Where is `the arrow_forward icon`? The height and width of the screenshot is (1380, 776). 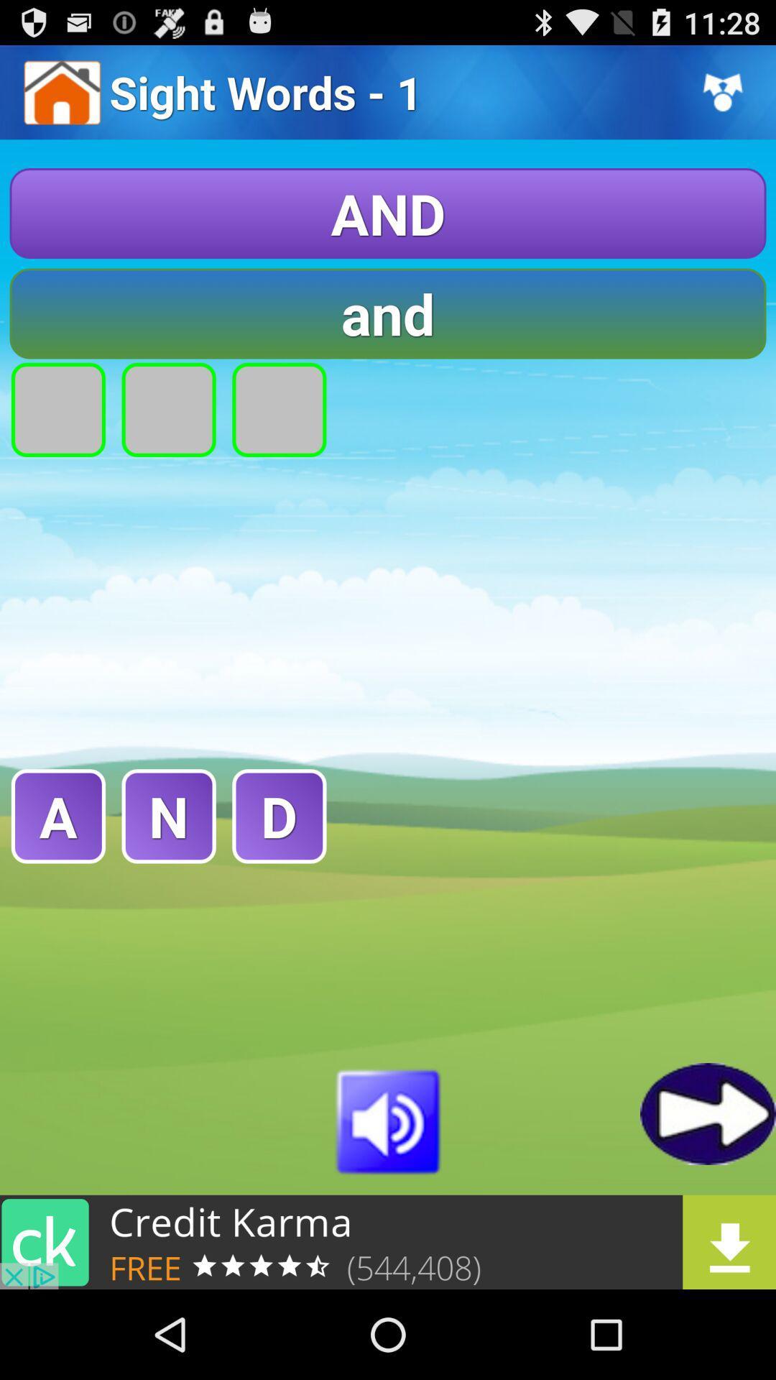
the arrow_forward icon is located at coordinates (707, 1192).